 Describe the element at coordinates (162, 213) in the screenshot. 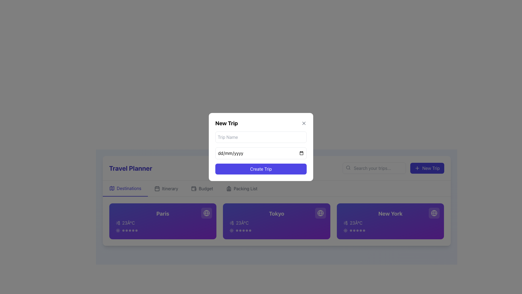

I see `the text label displaying 'Paris' in bold font, which is the first label in the Travel Planner section card` at that location.